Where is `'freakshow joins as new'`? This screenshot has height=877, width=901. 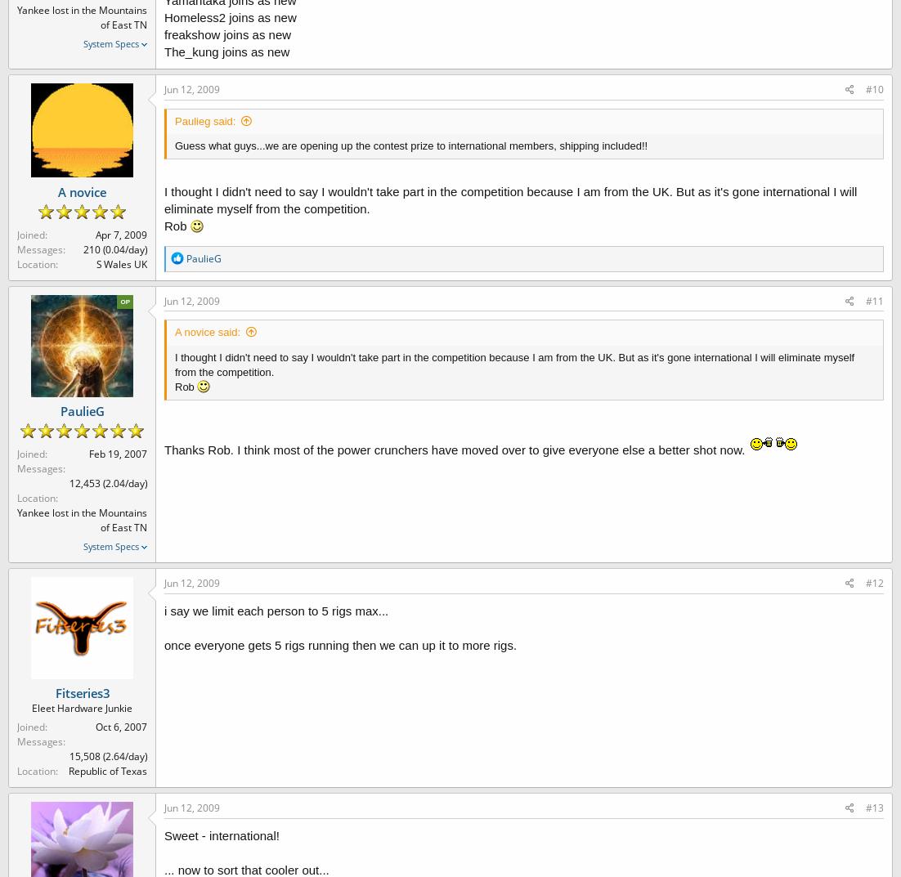 'freakshow joins as new' is located at coordinates (227, 34).